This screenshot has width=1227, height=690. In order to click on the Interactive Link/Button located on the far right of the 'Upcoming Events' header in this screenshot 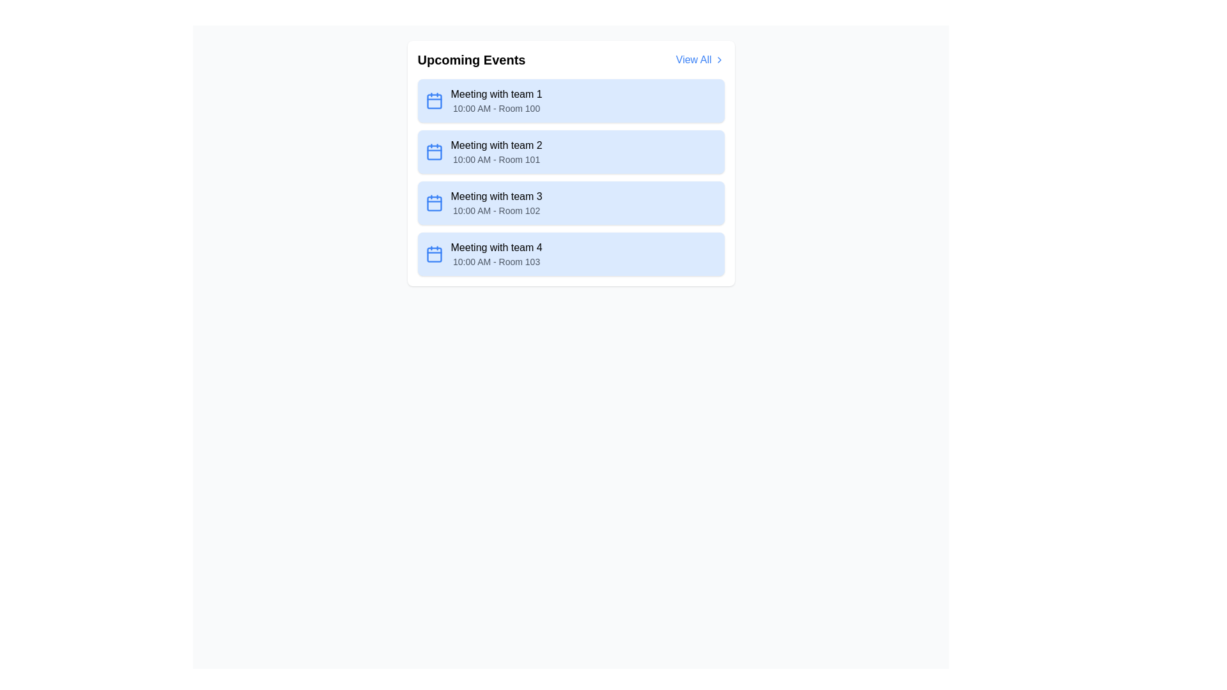, I will do `click(699, 59)`.